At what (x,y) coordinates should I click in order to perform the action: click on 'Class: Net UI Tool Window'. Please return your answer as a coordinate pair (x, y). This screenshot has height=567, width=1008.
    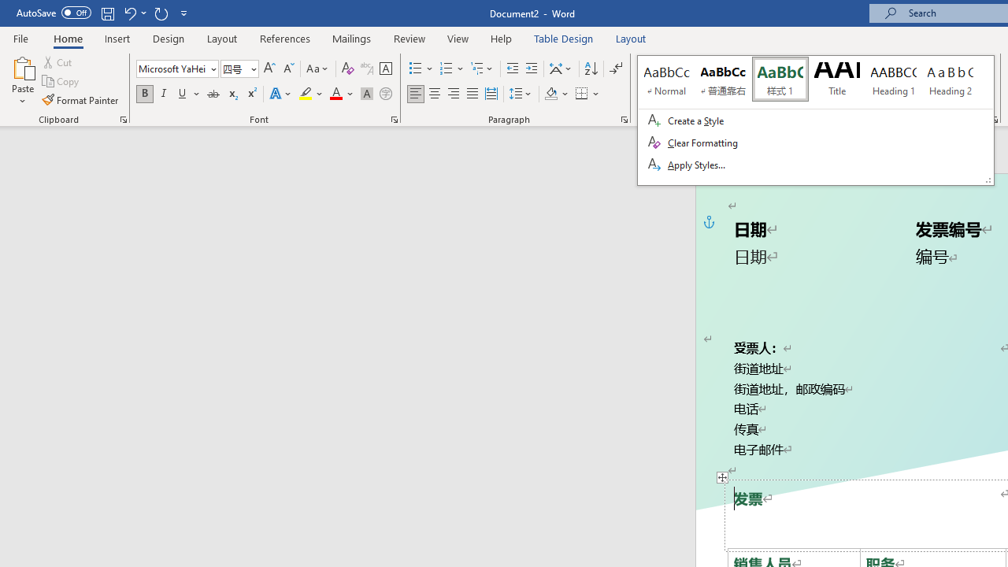
    Looking at the image, I should click on (816, 120).